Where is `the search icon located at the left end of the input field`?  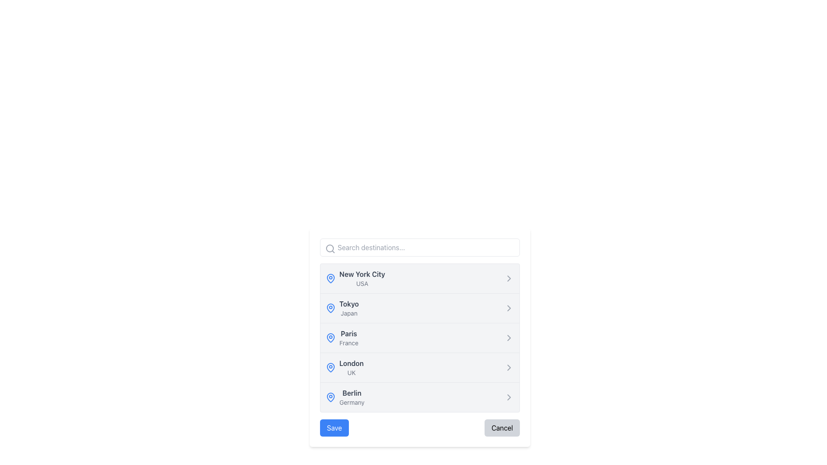
the search icon located at the left end of the input field is located at coordinates (330, 249).